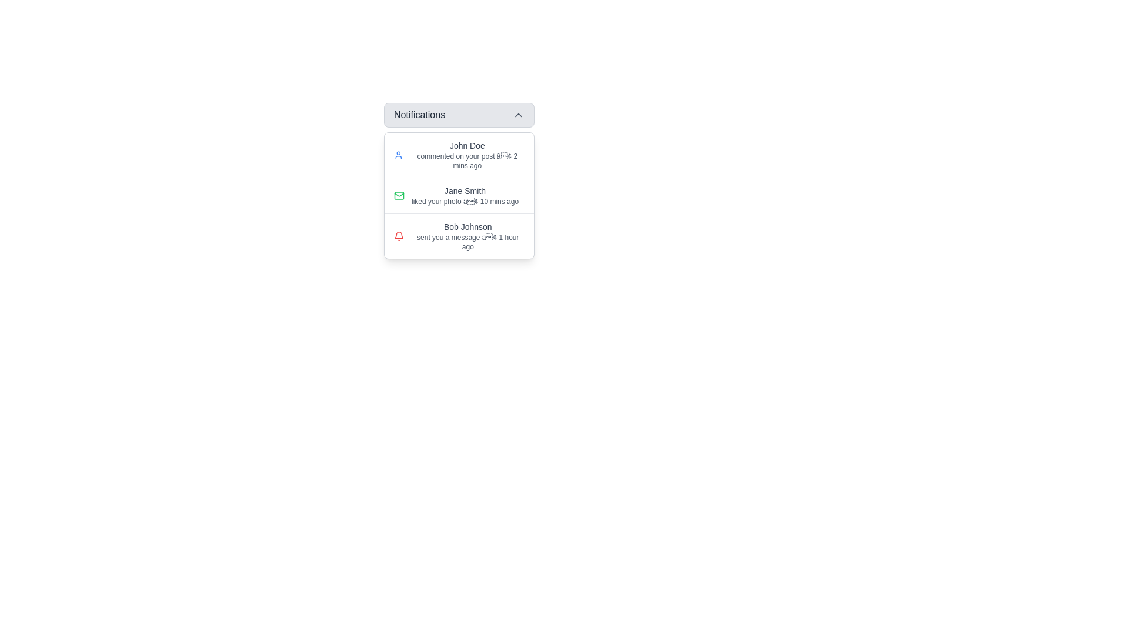 The width and height of the screenshot is (1129, 635). Describe the element at coordinates (459, 195) in the screenshot. I see `an item in the notification list` at that location.